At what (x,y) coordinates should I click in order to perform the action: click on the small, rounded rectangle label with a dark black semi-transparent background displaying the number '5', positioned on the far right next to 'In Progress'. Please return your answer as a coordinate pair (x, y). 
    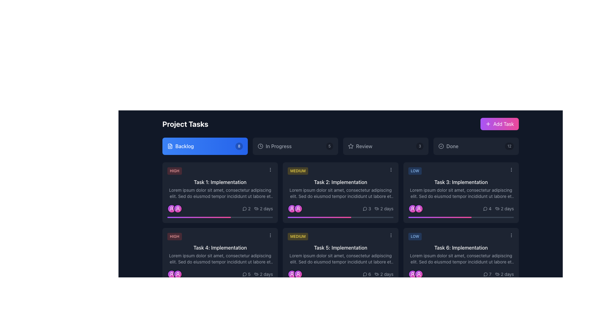
    Looking at the image, I should click on (329, 146).